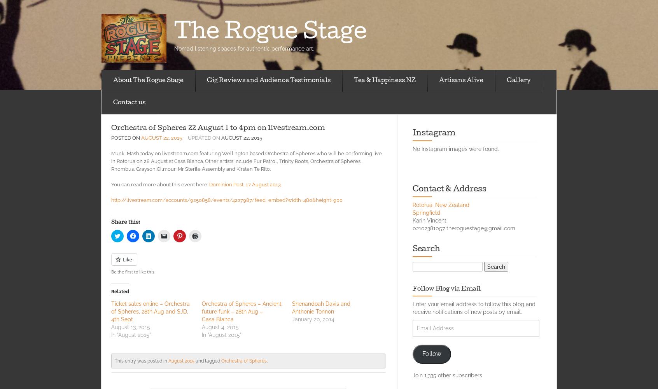  I want to click on 'Munki Mash today on livestream.com featuring Wellington based Orchestra of Spheres who will be performing live in Rotorua on 28 August at Casa Blanca. Other artists include Fur Patrol, Trinity Roots, Orchestra of Spheres, Rhombus, Grayson Gilmour, Mr Sterile Assembly and Kirsten Te Rito.', so click(246, 161).